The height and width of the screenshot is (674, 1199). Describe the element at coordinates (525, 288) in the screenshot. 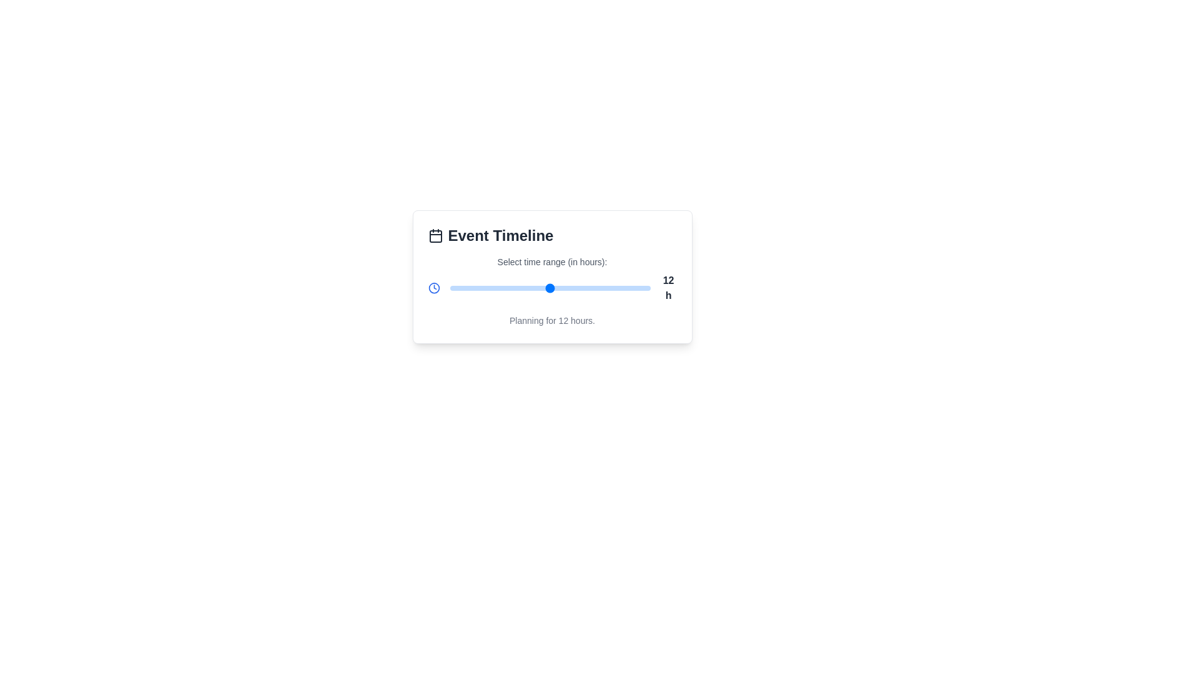

I see `the number of hours` at that location.